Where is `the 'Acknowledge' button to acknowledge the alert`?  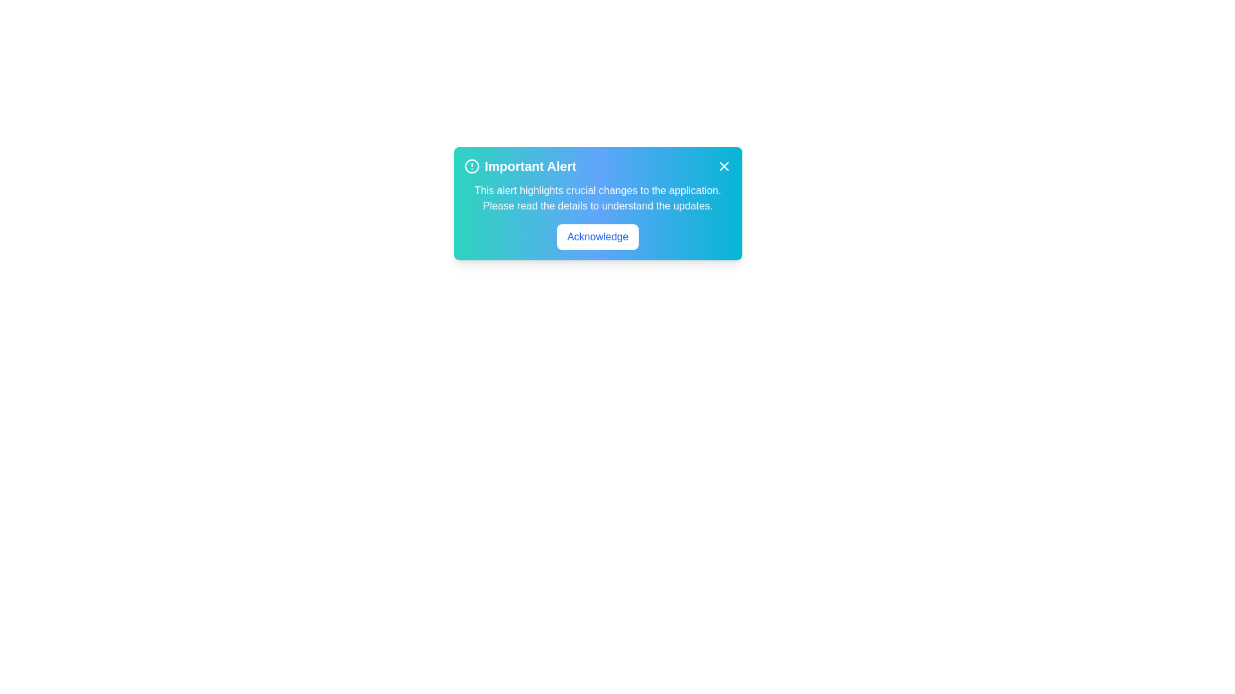 the 'Acknowledge' button to acknowledge the alert is located at coordinates (597, 237).